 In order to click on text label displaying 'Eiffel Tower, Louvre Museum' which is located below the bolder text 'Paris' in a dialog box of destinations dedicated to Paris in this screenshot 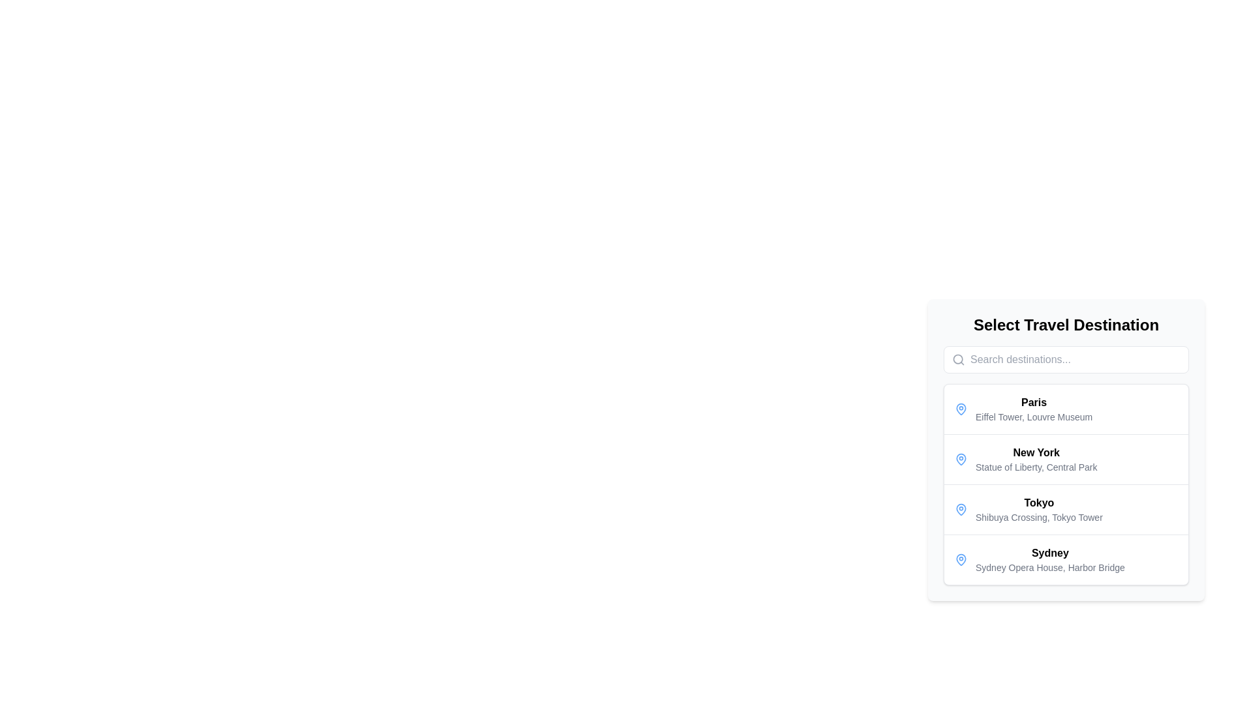, I will do `click(1033, 417)`.